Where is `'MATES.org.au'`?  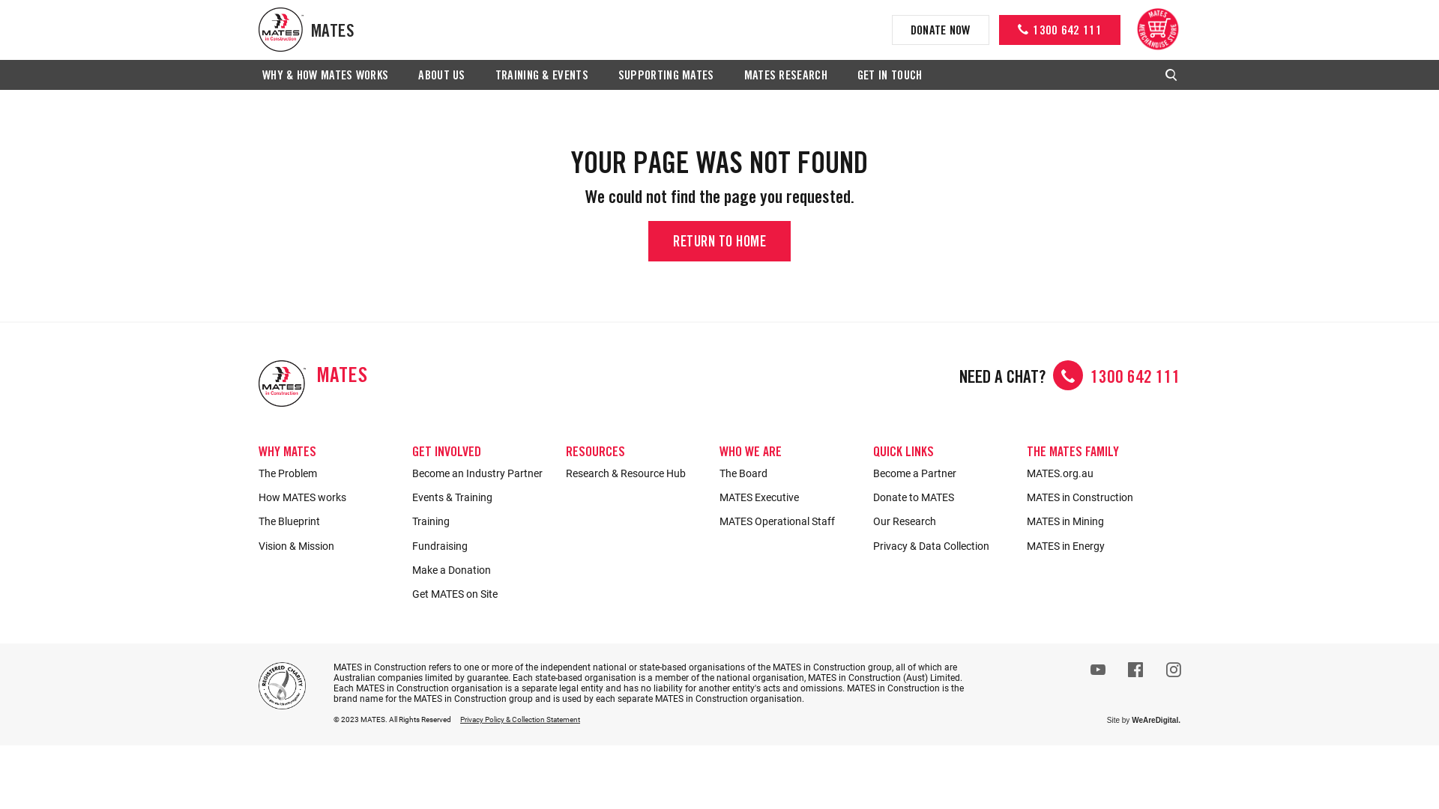
'MATES.org.au' is located at coordinates (1096, 473).